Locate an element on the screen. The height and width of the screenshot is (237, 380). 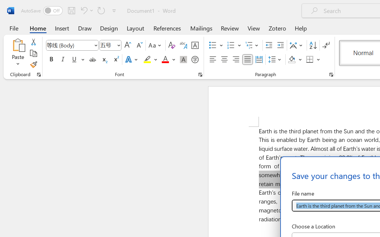
'Bold' is located at coordinates (51, 60).